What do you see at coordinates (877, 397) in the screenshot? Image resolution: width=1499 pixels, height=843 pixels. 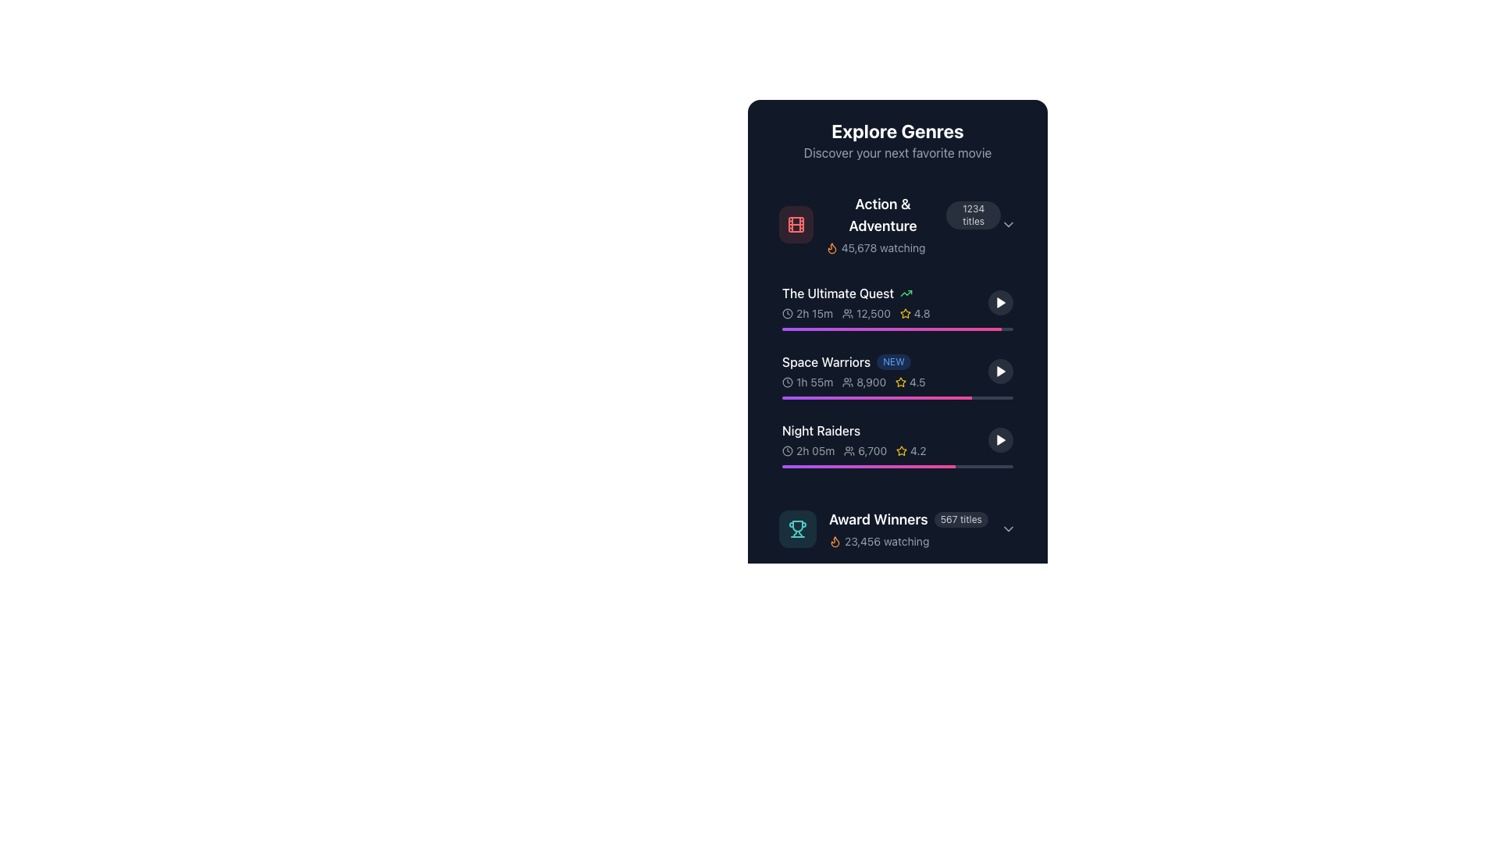 I see `the filled portion of the progress bar segment represented by a gradient from purple to pink, located under the 'Space Warriors' list entry, which indicates an 82% completion` at bounding box center [877, 397].